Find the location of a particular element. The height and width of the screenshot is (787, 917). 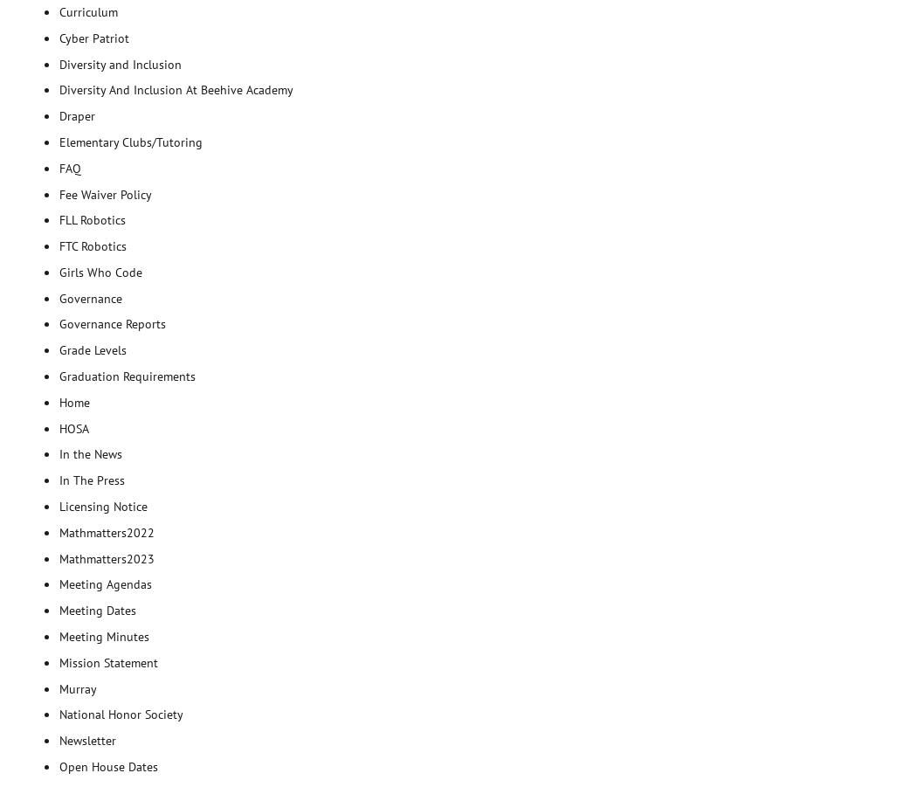

'Open House Dates' is located at coordinates (107, 767).